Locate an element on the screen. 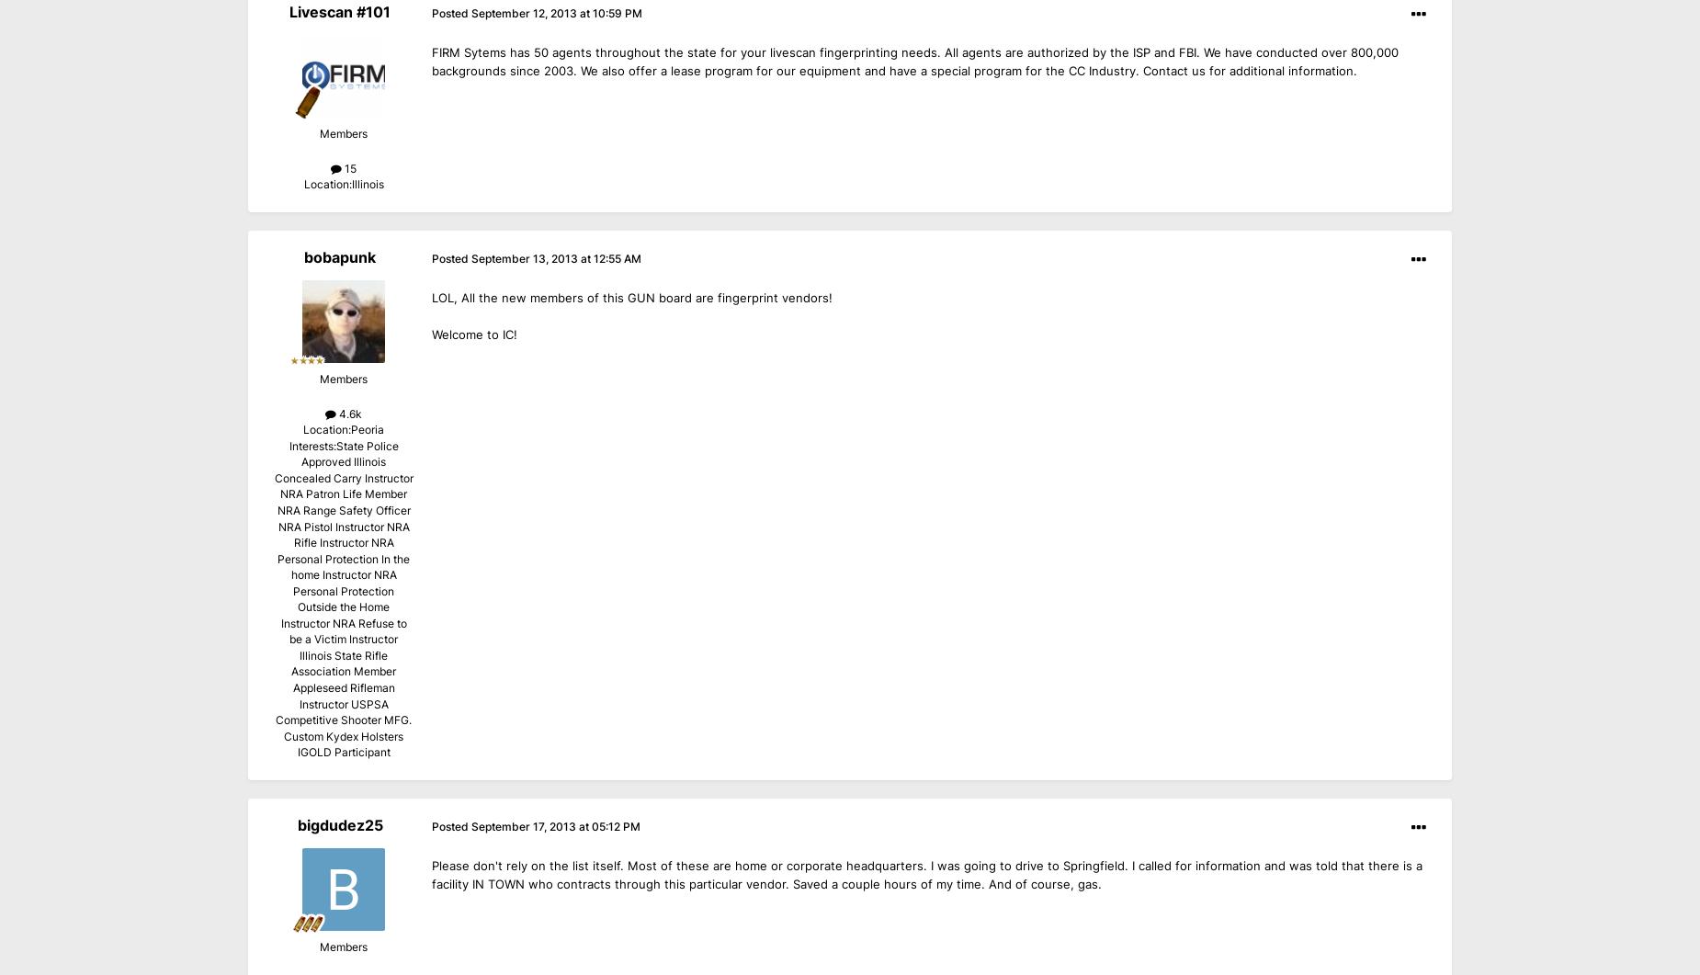  'September 12, 2013 at 10:59  PM' is located at coordinates (557, 13).